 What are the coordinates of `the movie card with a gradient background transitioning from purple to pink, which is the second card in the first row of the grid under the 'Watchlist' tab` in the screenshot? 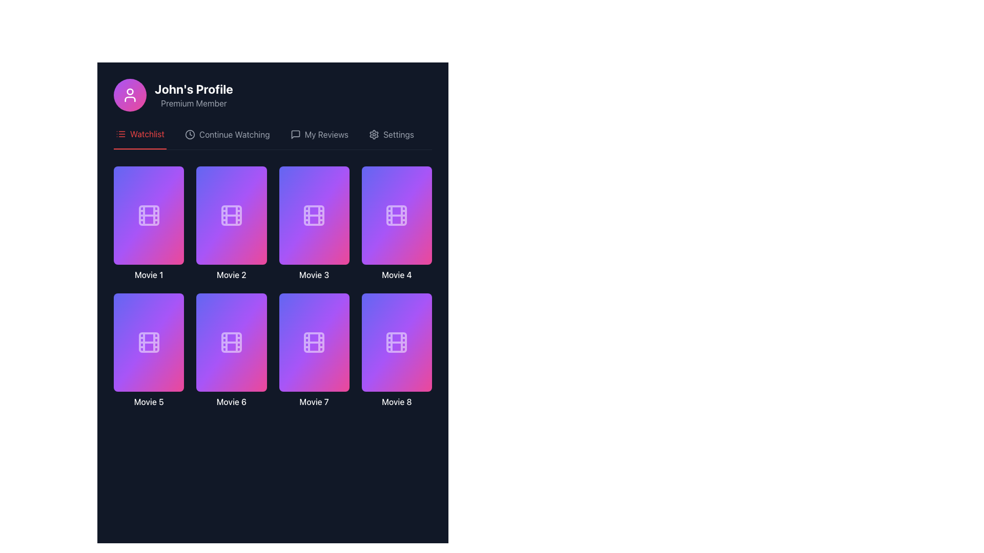 It's located at (231, 223).